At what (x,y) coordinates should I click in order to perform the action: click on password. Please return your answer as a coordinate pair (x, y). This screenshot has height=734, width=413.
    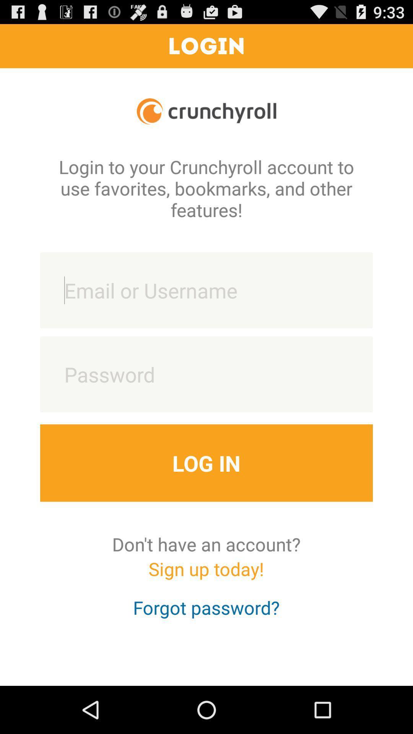
    Looking at the image, I should click on (206, 374).